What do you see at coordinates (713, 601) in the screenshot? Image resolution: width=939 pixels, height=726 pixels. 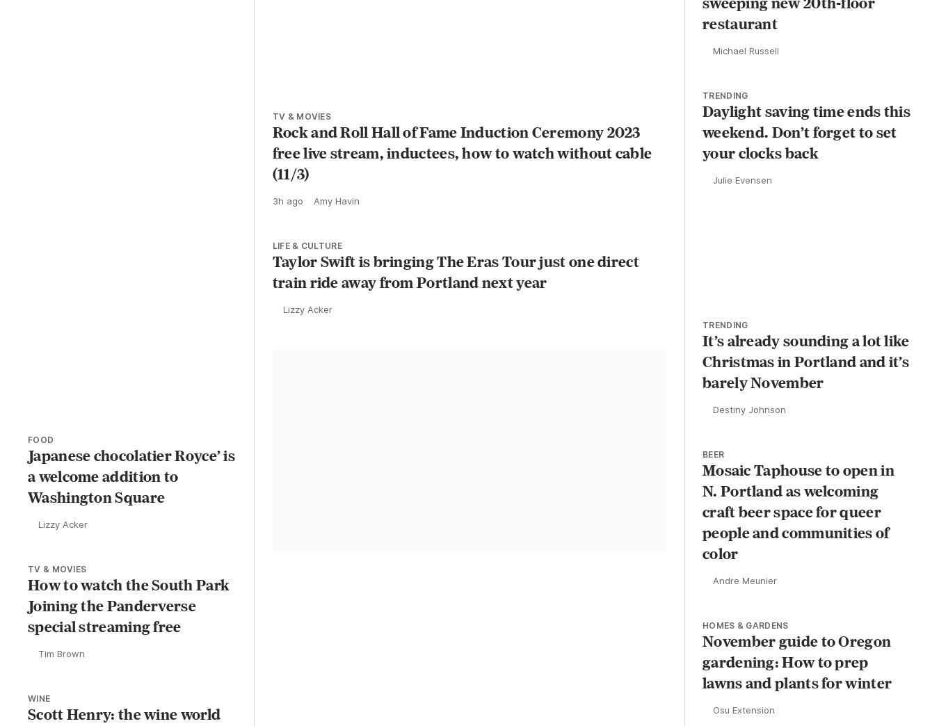 I see `'Andre Meunier'` at bounding box center [713, 601].